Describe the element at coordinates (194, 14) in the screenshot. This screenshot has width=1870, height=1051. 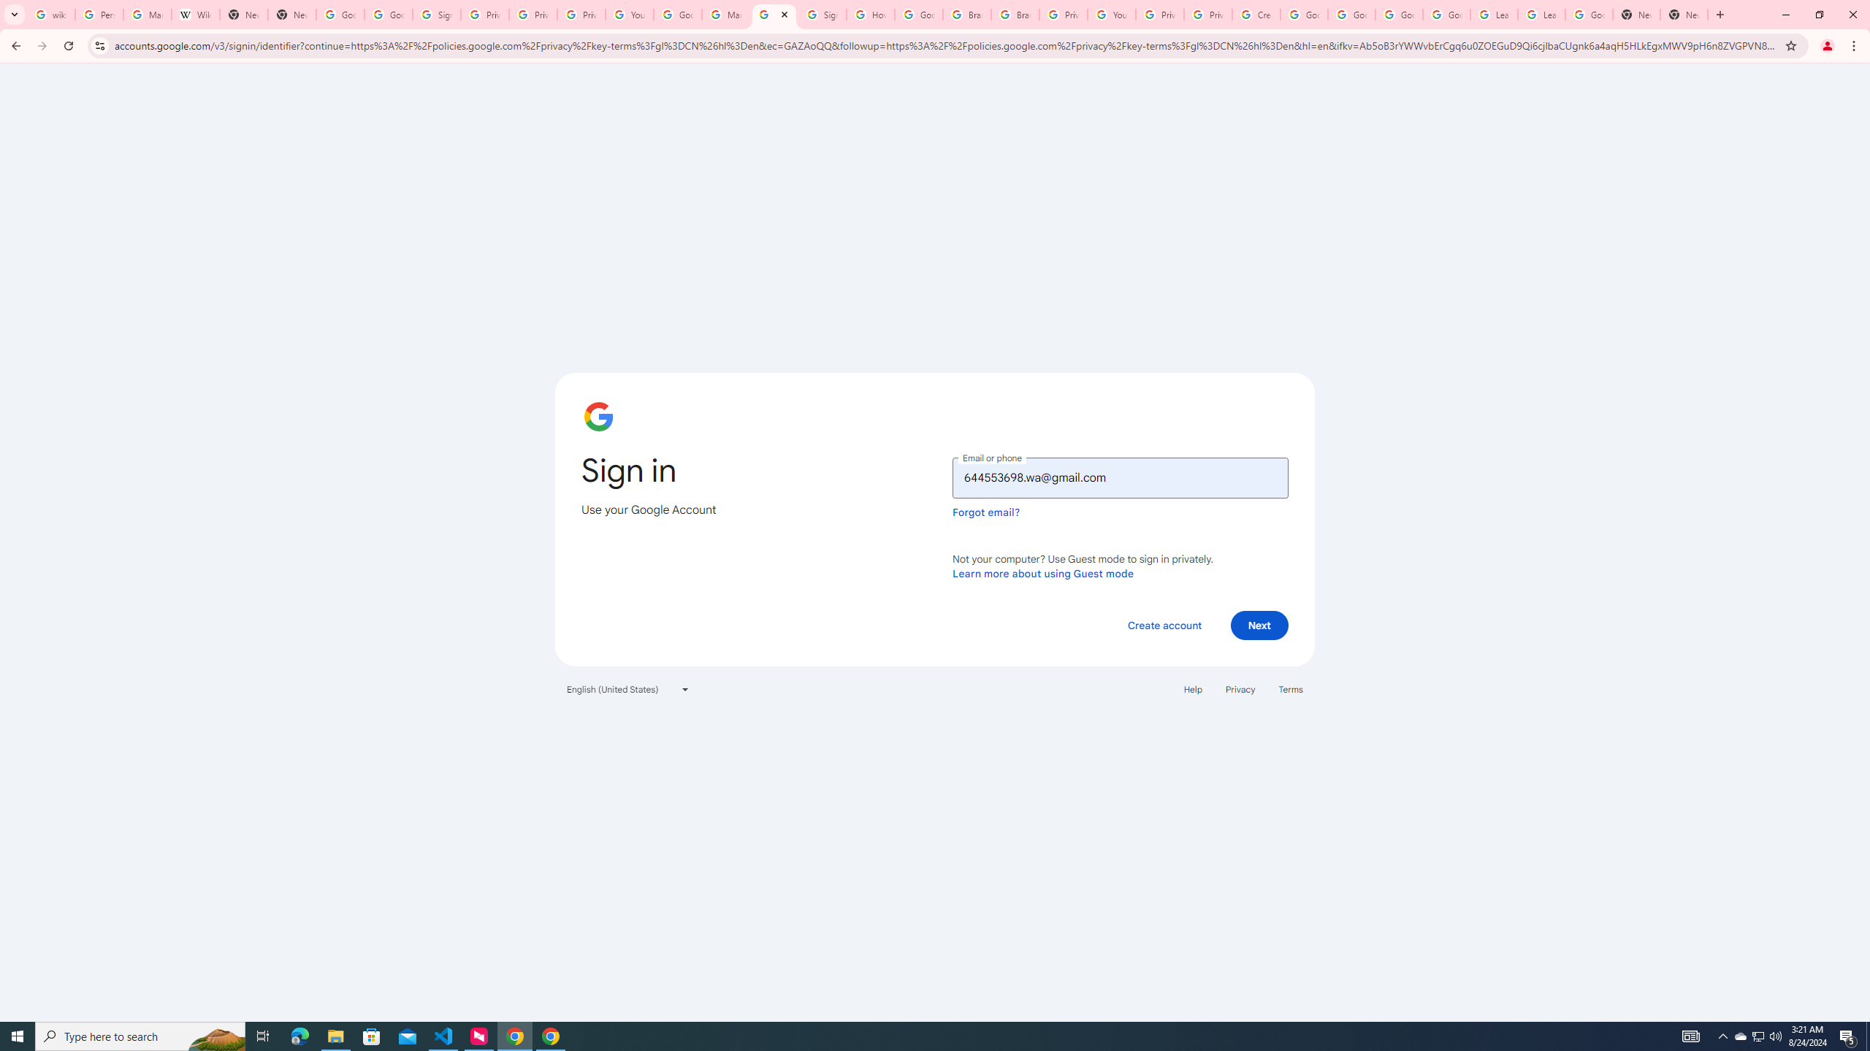
I see `'Wikipedia:Edit requests - Wikipedia'` at that location.